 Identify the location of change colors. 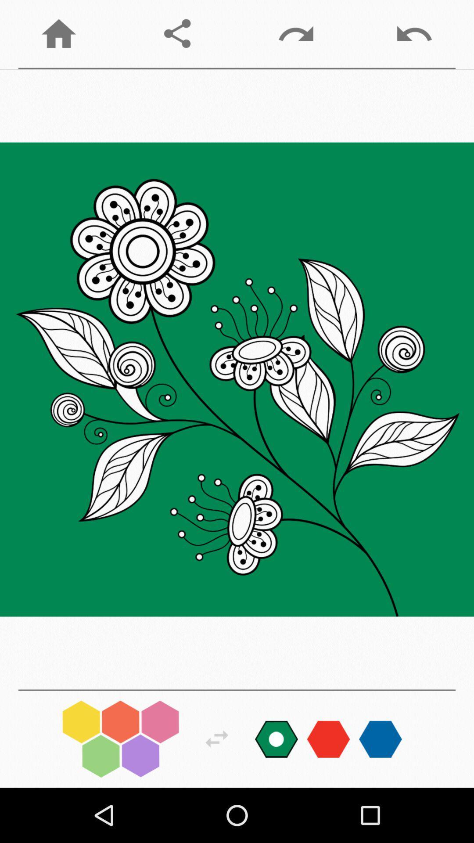
(121, 739).